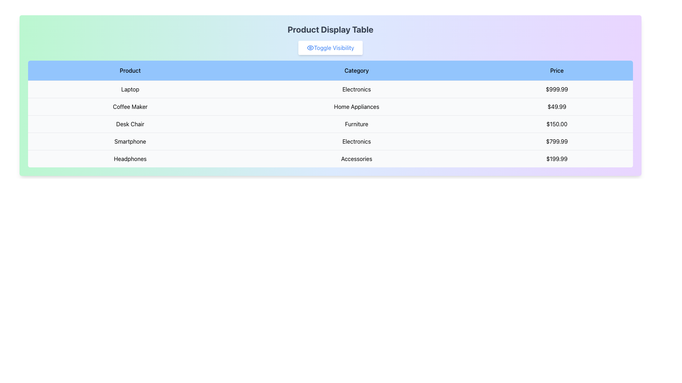 The width and height of the screenshot is (682, 383). Describe the element at coordinates (130, 71) in the screenshot. I see `the 'Product' column header in the data table` at that location.